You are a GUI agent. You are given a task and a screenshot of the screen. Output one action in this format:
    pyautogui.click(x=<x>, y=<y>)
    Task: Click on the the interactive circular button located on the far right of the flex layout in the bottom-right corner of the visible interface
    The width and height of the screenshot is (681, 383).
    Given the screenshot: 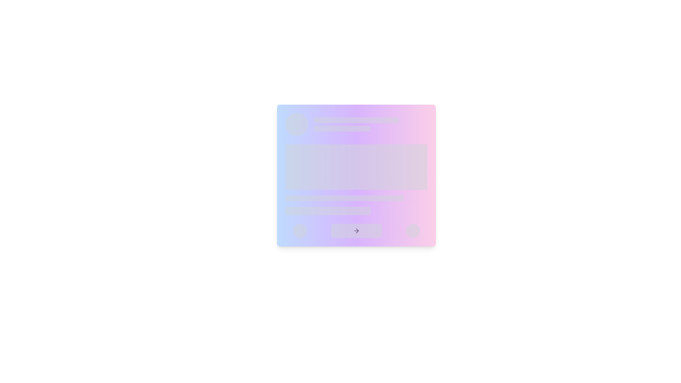 What is the action you would take?
    pyautogui.click(x=413, y=231)
    